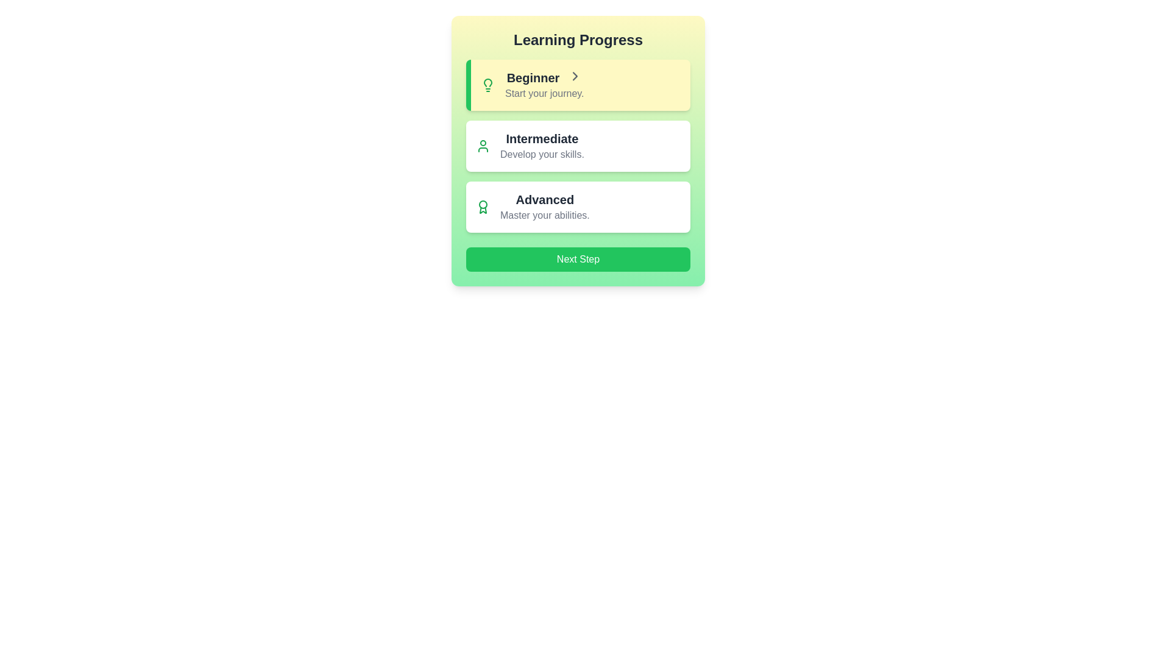  Describe the element at coordinates (574, 77) in the screenshot. I see `the Chevron Right icon indicating forward navigation in the 'Beginner' section, located at the end of the line containing the text 'Beginner'` at that location.